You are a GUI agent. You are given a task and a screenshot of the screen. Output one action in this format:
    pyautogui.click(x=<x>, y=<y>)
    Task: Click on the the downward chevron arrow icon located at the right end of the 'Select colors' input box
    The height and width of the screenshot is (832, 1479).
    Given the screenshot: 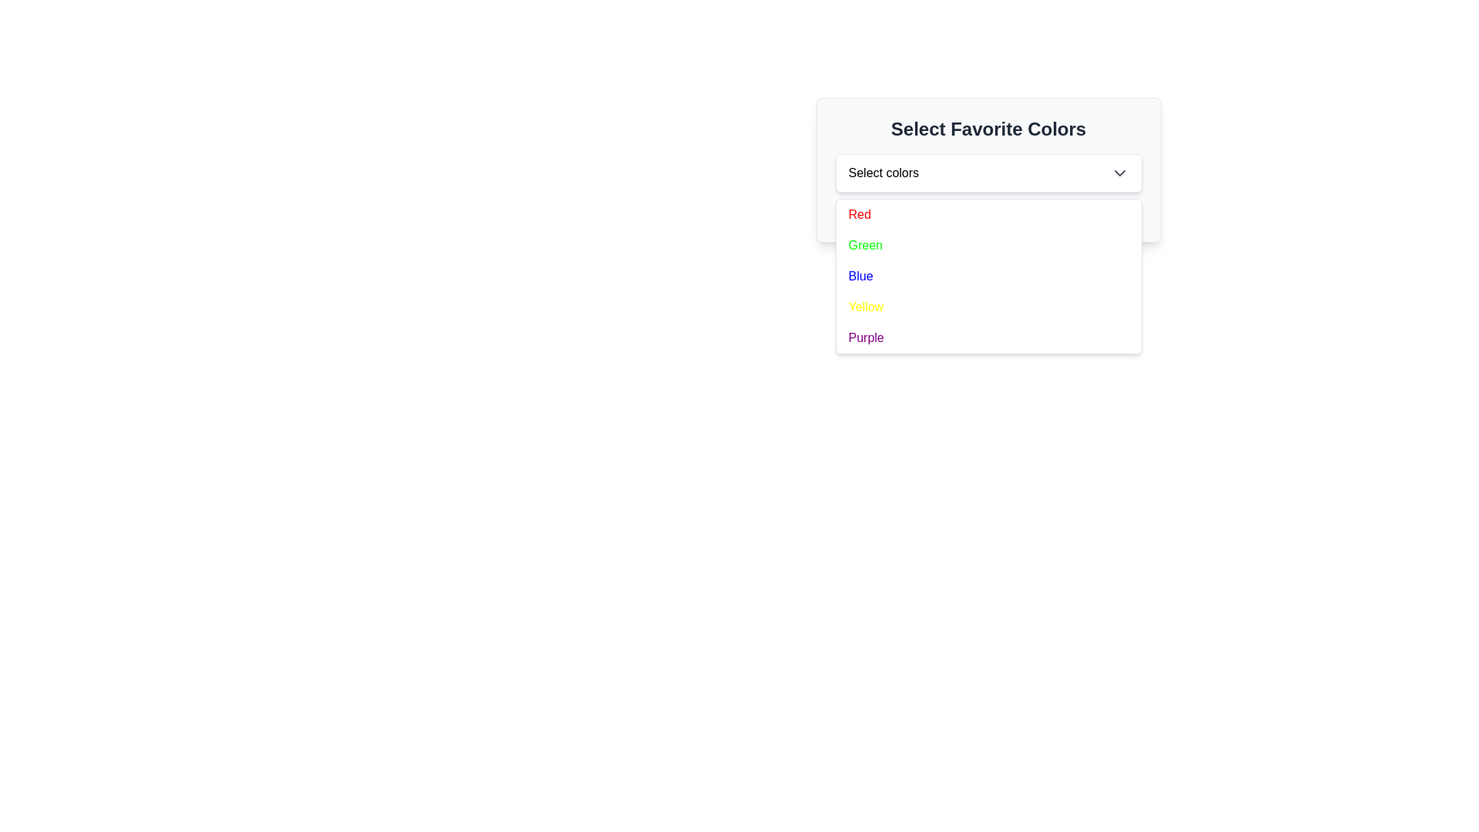 What is the action you would take?
    pyautogui.click(x=1119, y=173)
    